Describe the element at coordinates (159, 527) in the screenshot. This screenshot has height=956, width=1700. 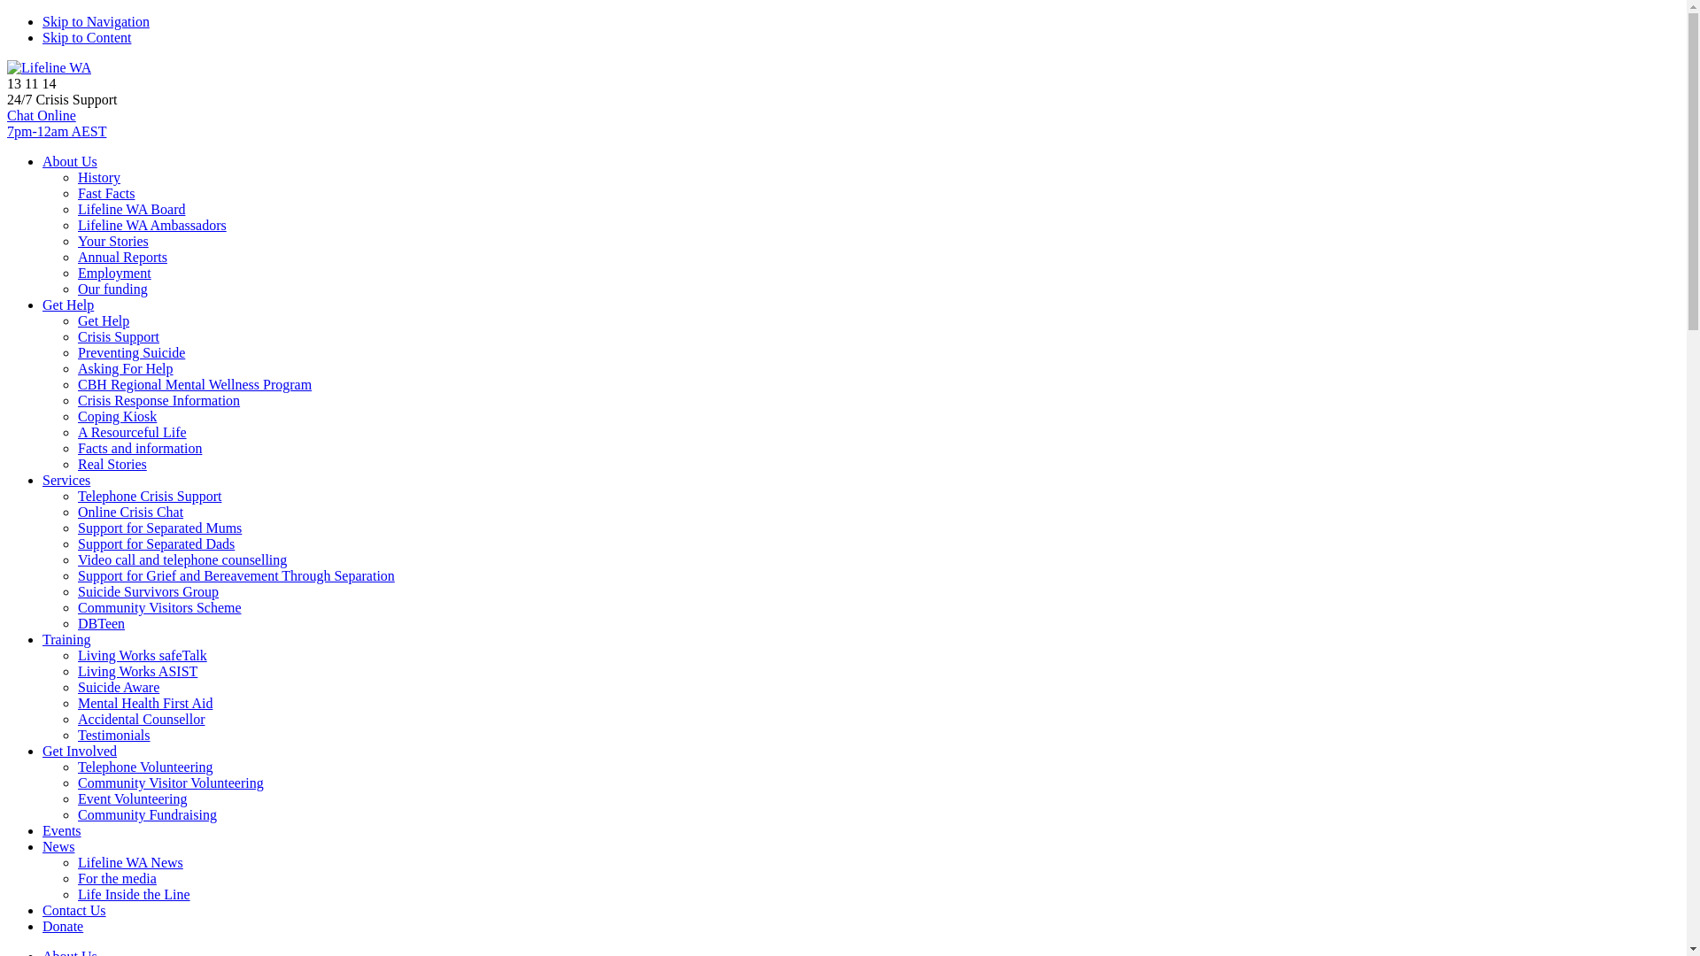
I see `'Support for Separated Mums'` at that location.